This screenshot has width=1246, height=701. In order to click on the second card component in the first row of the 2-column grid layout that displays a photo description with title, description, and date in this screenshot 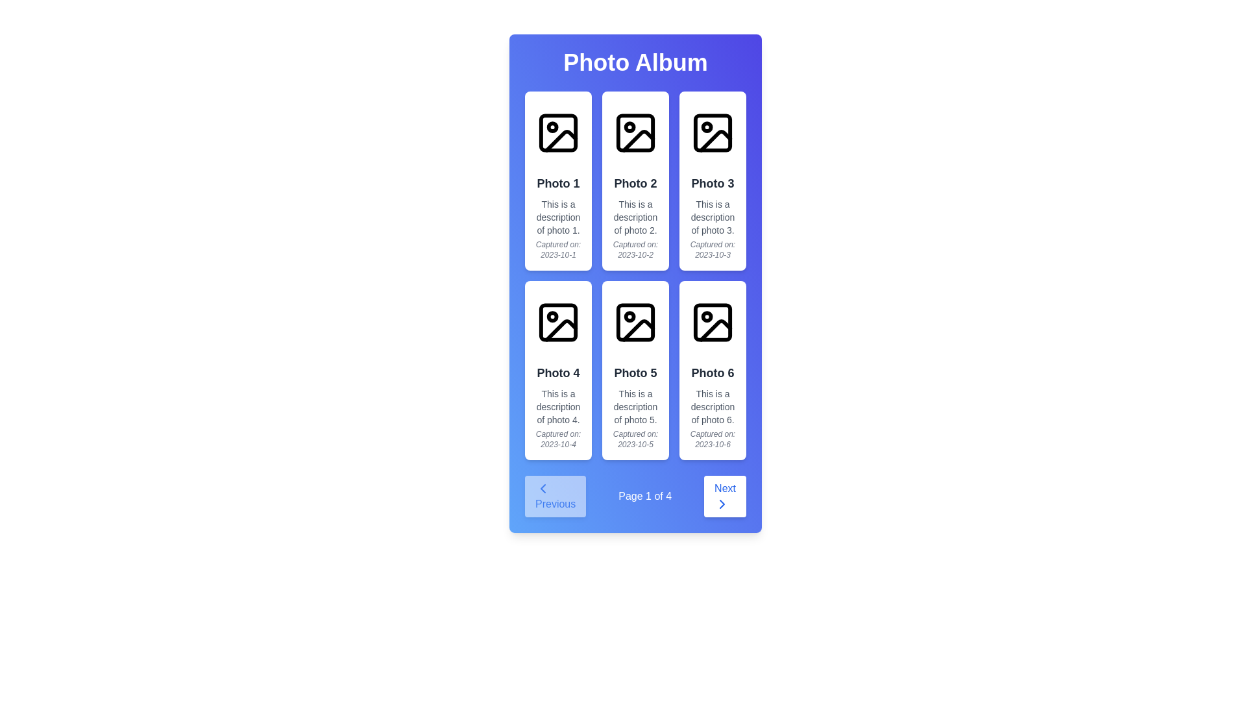, I will do `click(635, 180)`.